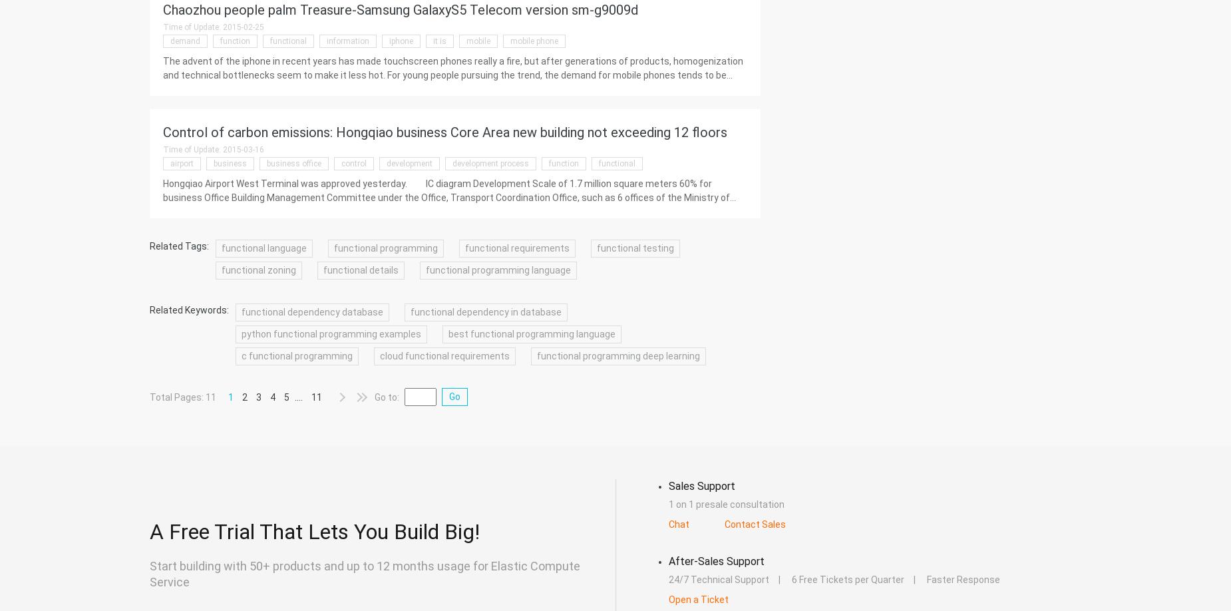 This screenshot has height=611, width=1231. I want to click on 'functional dependency in database', so click(410, 312).